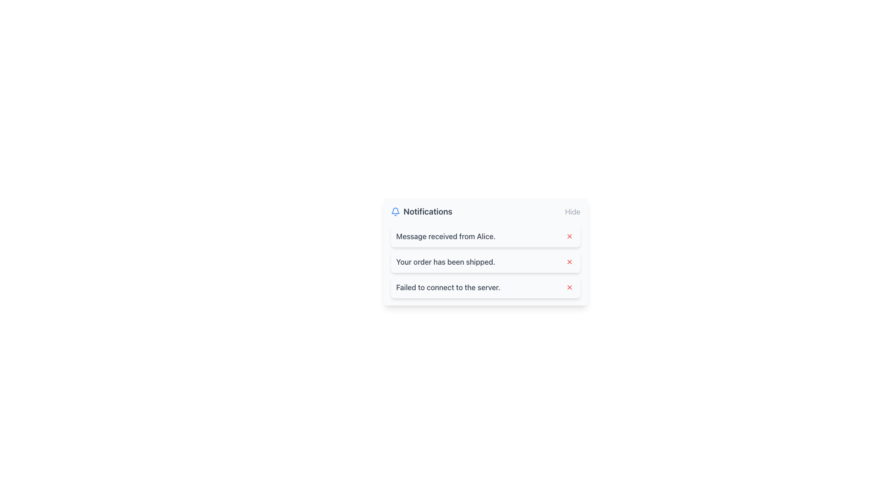  Describe the element at coordinates (485, 261) in the screenshot. I see `notification text from the second notification card in the notification panel, which informs the user that their order has been shipped` at that location.